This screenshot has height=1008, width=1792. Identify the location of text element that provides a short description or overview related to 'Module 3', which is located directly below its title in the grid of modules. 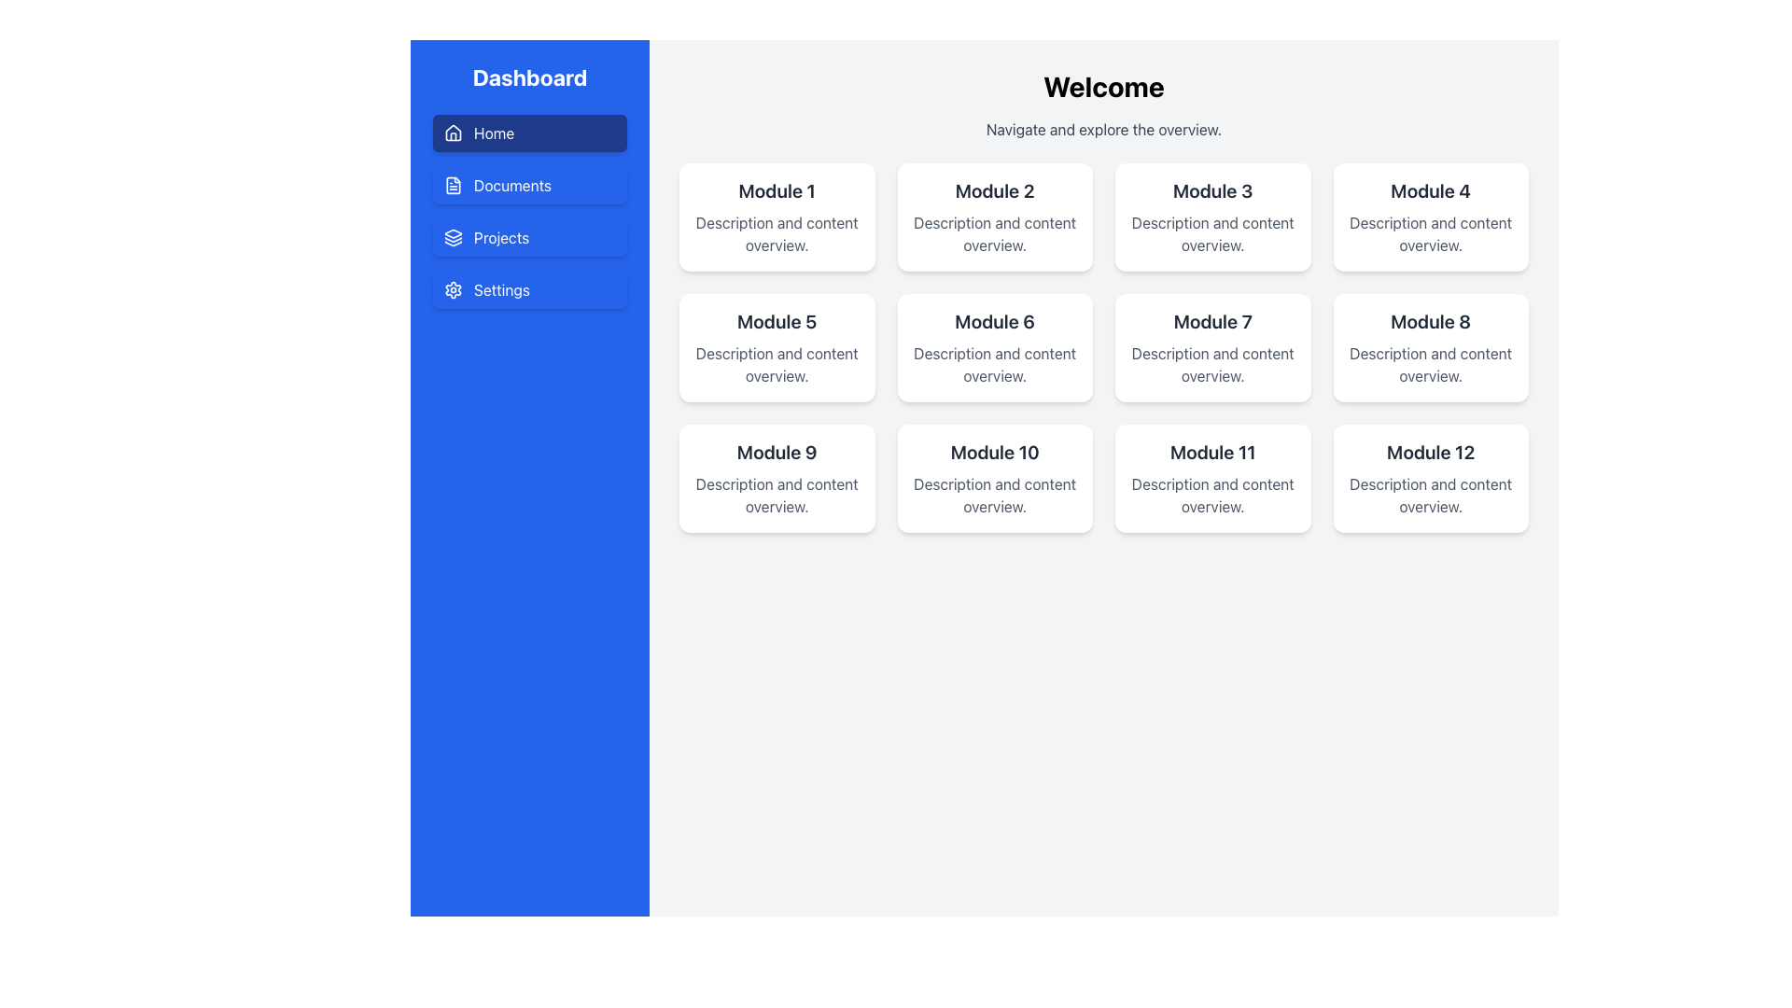
(1212, 232).